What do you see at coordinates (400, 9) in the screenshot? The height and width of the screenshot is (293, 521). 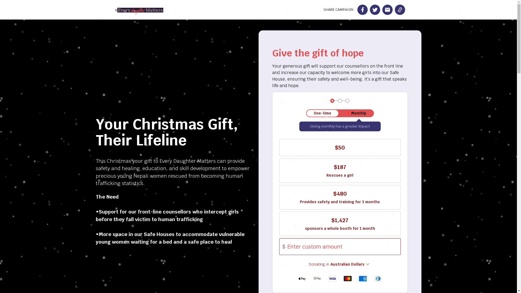 I see `'Copy Link'` at bounding box center [400, 9].